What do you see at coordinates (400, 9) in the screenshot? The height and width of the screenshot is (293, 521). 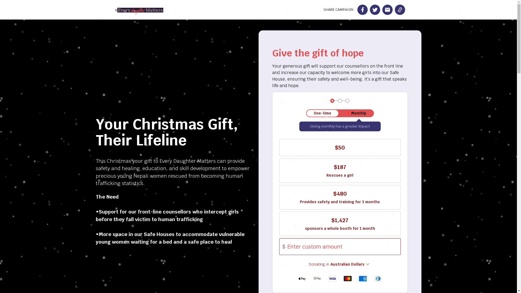 I see `'Copy Link'` at bounding box center [400, 9].